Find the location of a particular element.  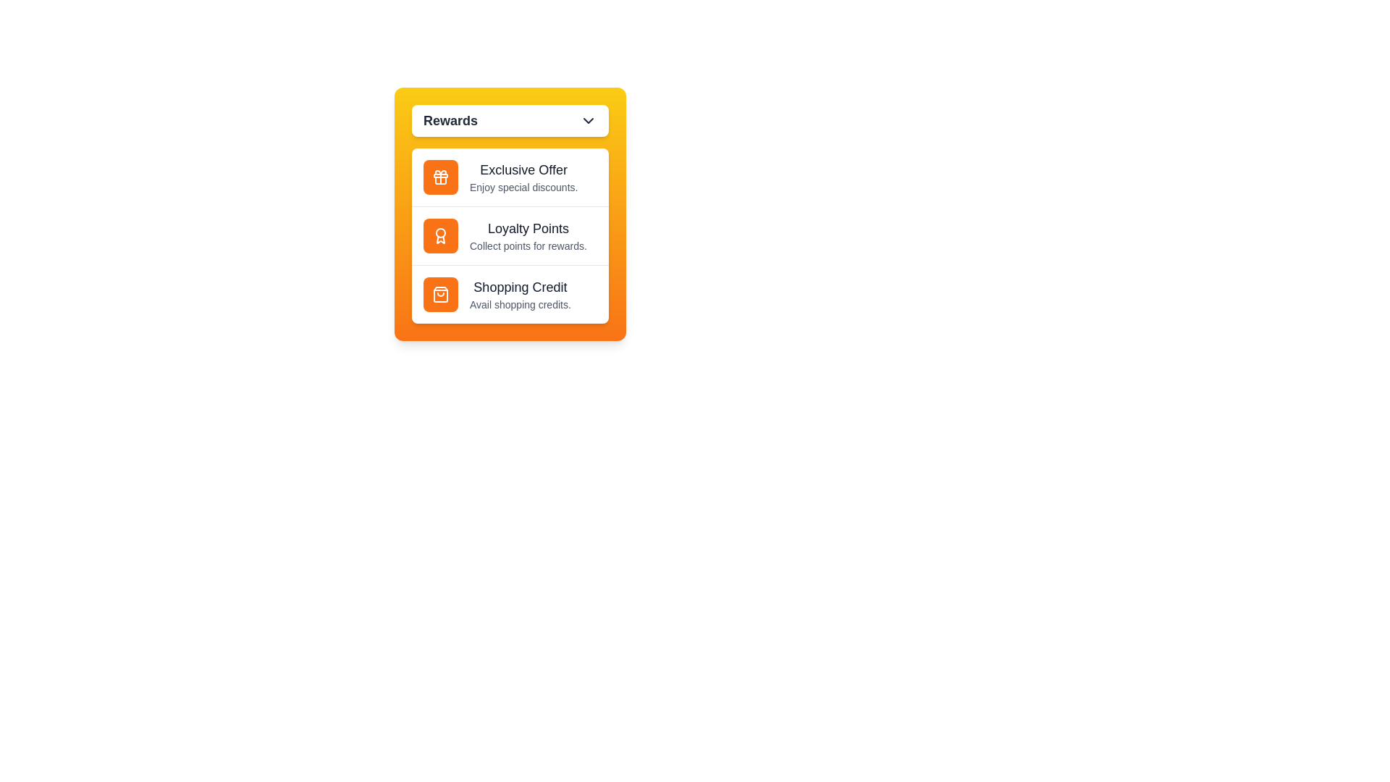

the first Informational card in the vertical list under the yellow 'Rewards' header, which provides details about a specific reward or offer is located at coordinates (510, 177).